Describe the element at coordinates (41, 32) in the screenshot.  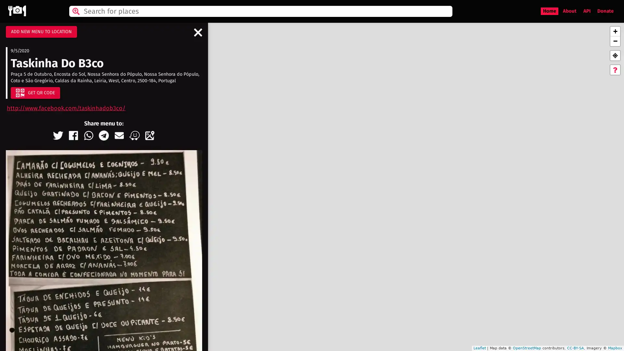
I see `ADD NEW MENU TO LOCATION` at that location.